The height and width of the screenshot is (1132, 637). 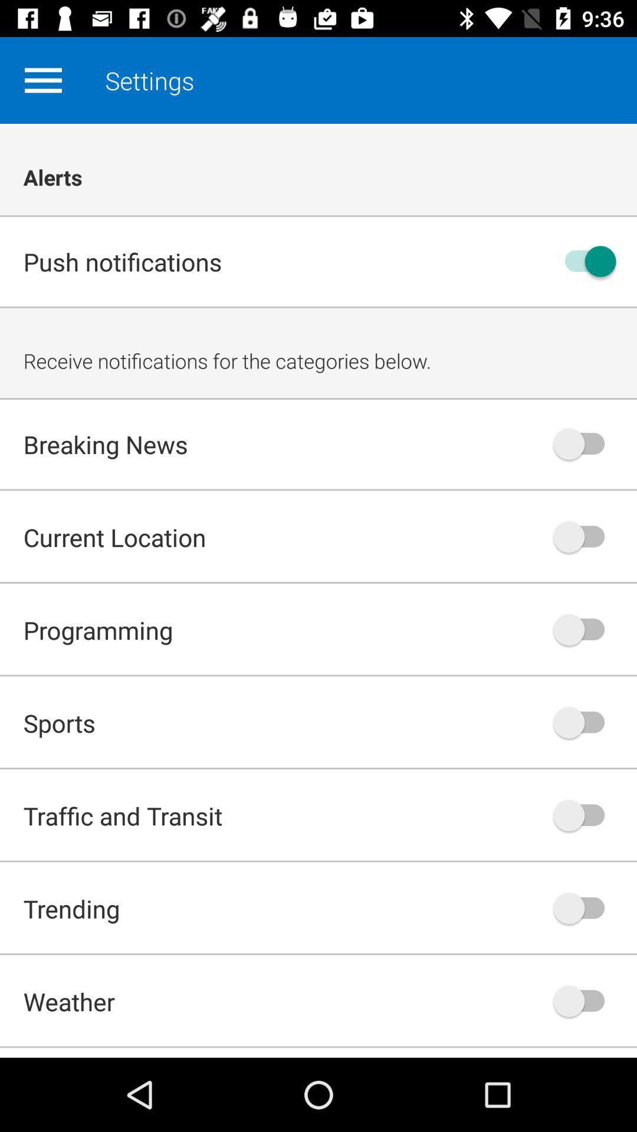 I want to click on the menu icon, so click(x=42, y=80).